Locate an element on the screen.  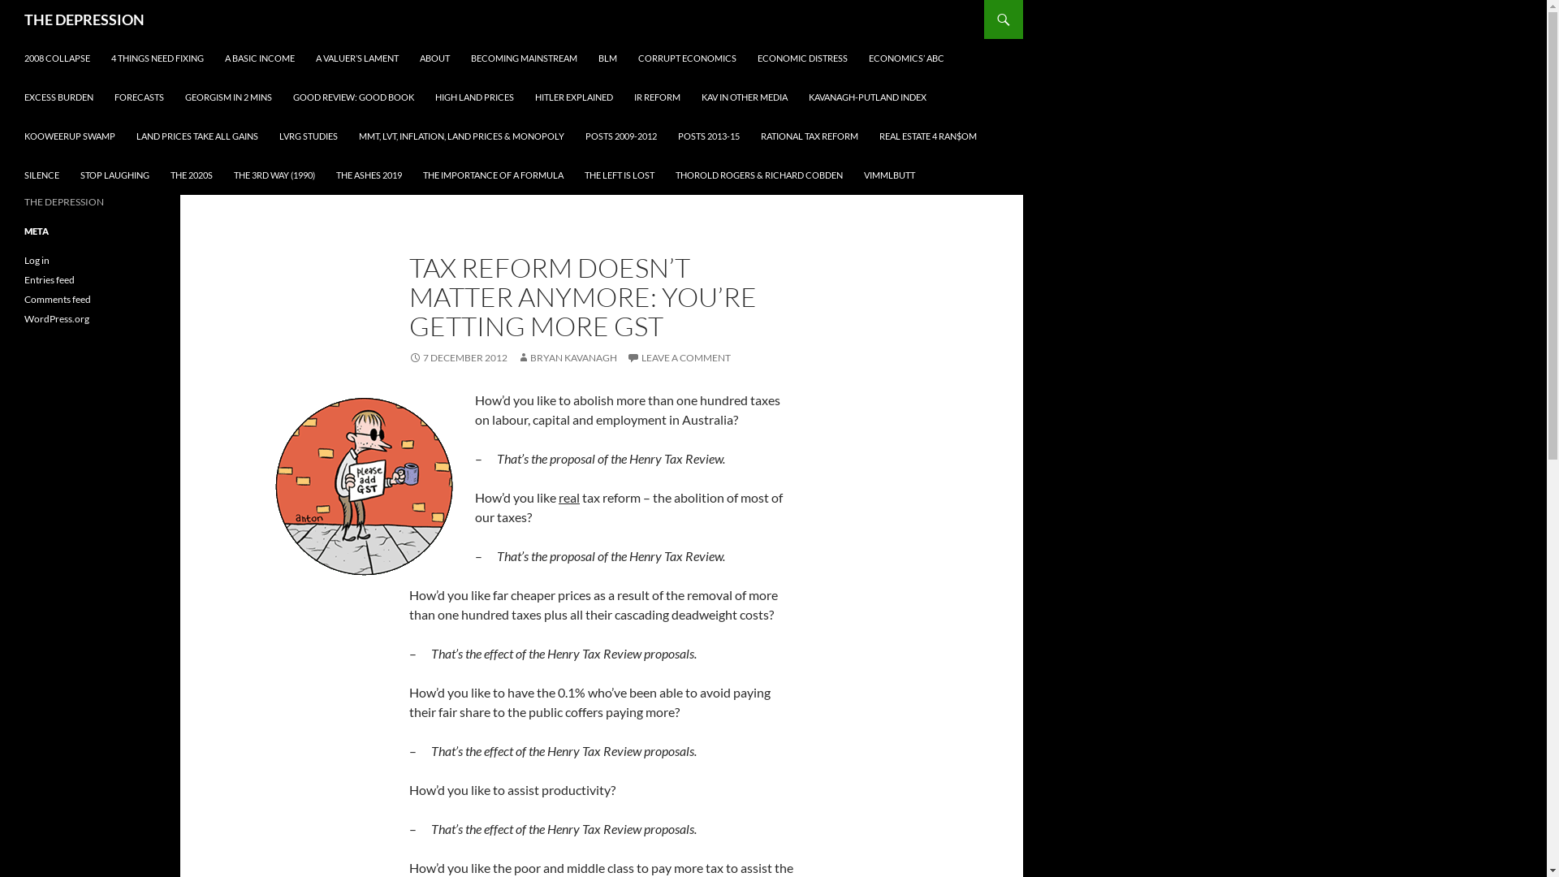
'BRYAN KAVANAGH' is located at coordinates (567, 356).